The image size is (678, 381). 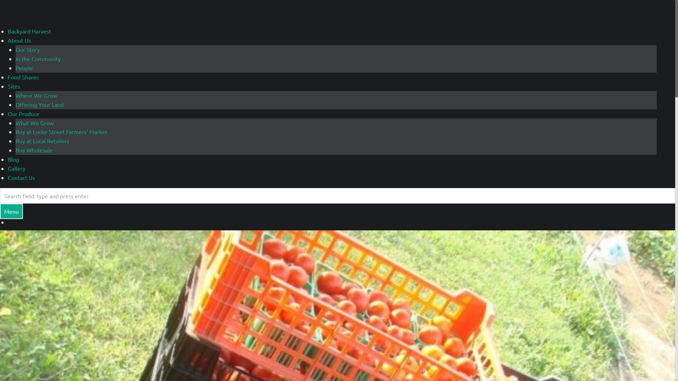 What do you see at coordinates (8, 77) in the screenshot?
I see `'Food Shares'` at bounding box center [8, 77].